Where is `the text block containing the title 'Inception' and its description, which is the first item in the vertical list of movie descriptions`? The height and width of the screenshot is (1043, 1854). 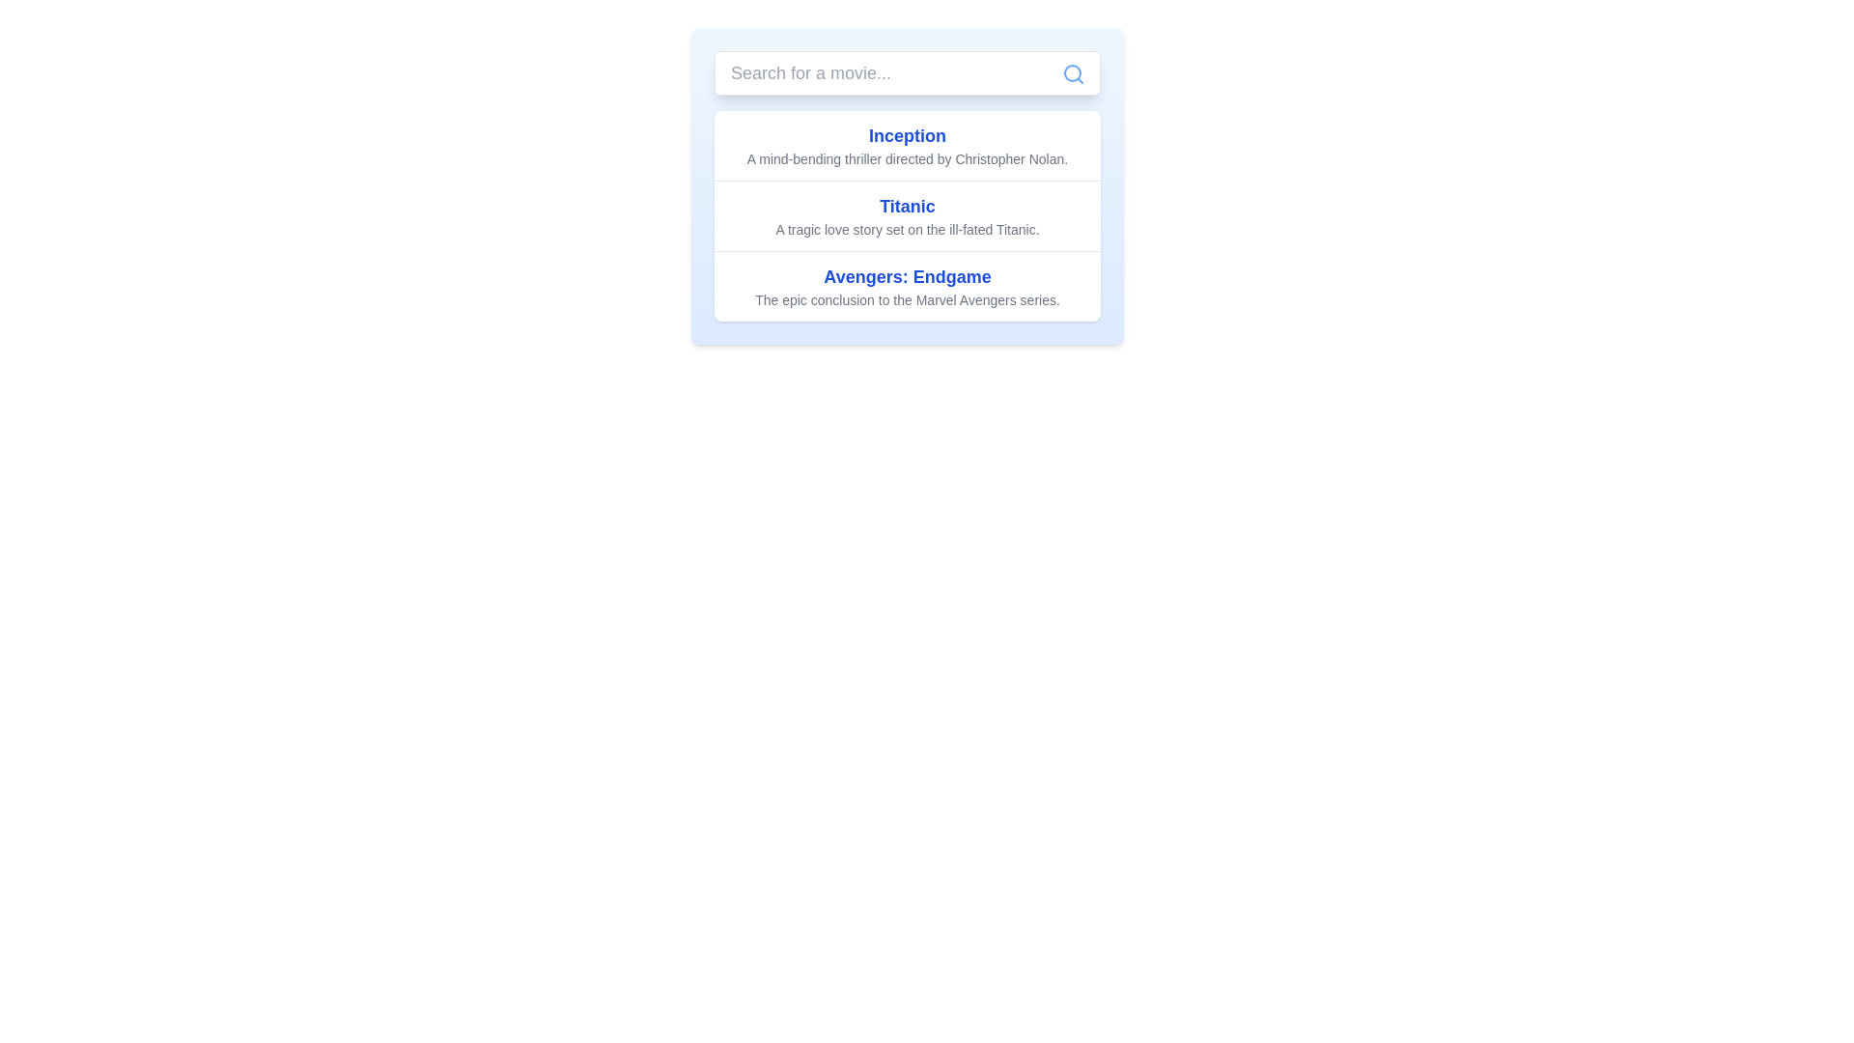 the text block containing the title 'Inception' and its description, which is the first item in the vertical list of movie descriptions is located at coordinates (907, 144).